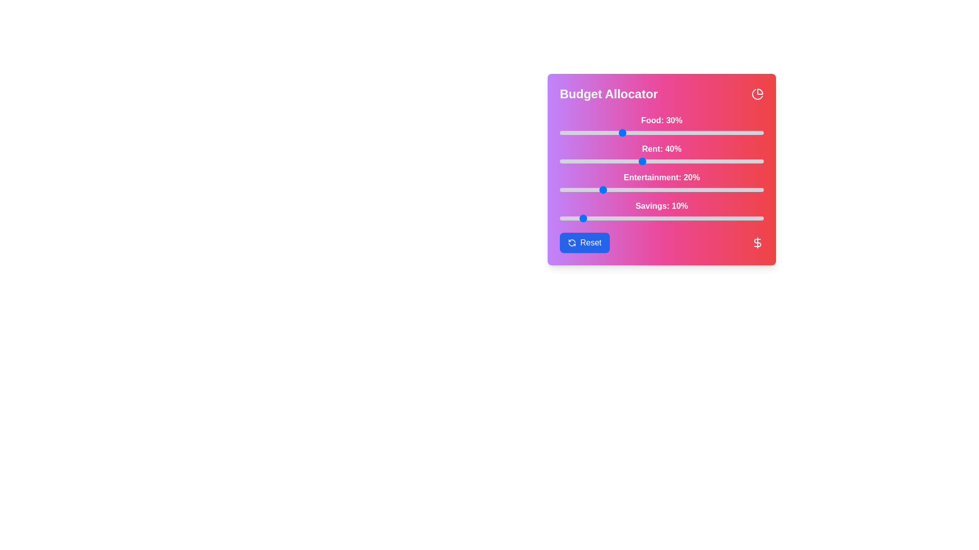  Describe the element at coordinates (678, 160) in the screenshot. I see `the rent slider` at that location.